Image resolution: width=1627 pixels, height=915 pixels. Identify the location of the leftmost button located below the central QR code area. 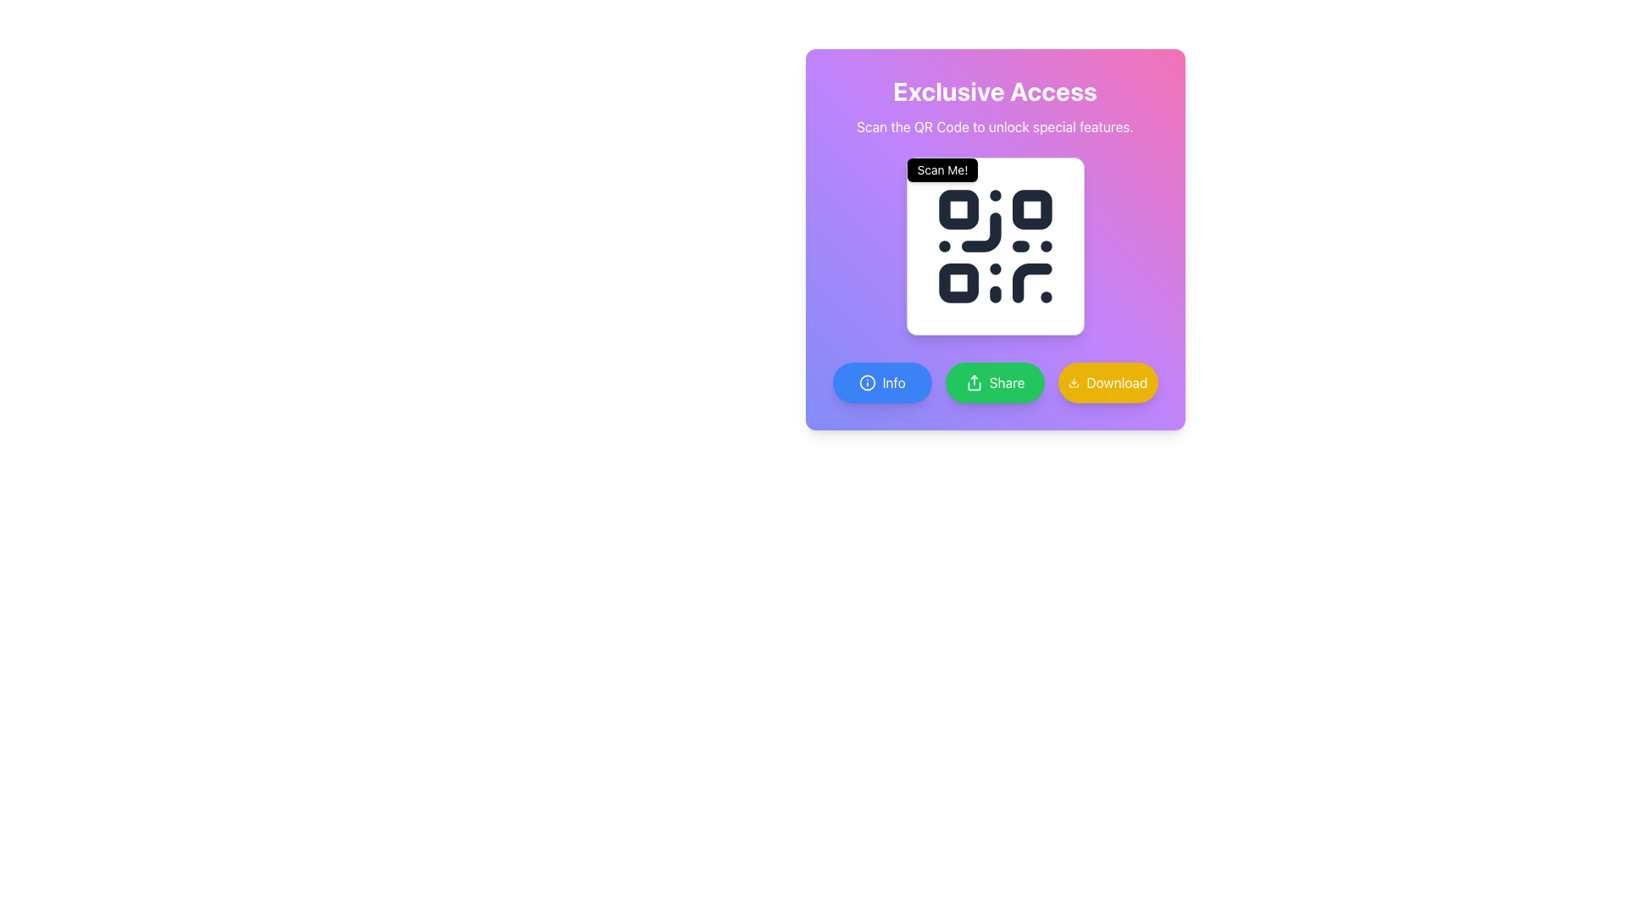
(881, 382).